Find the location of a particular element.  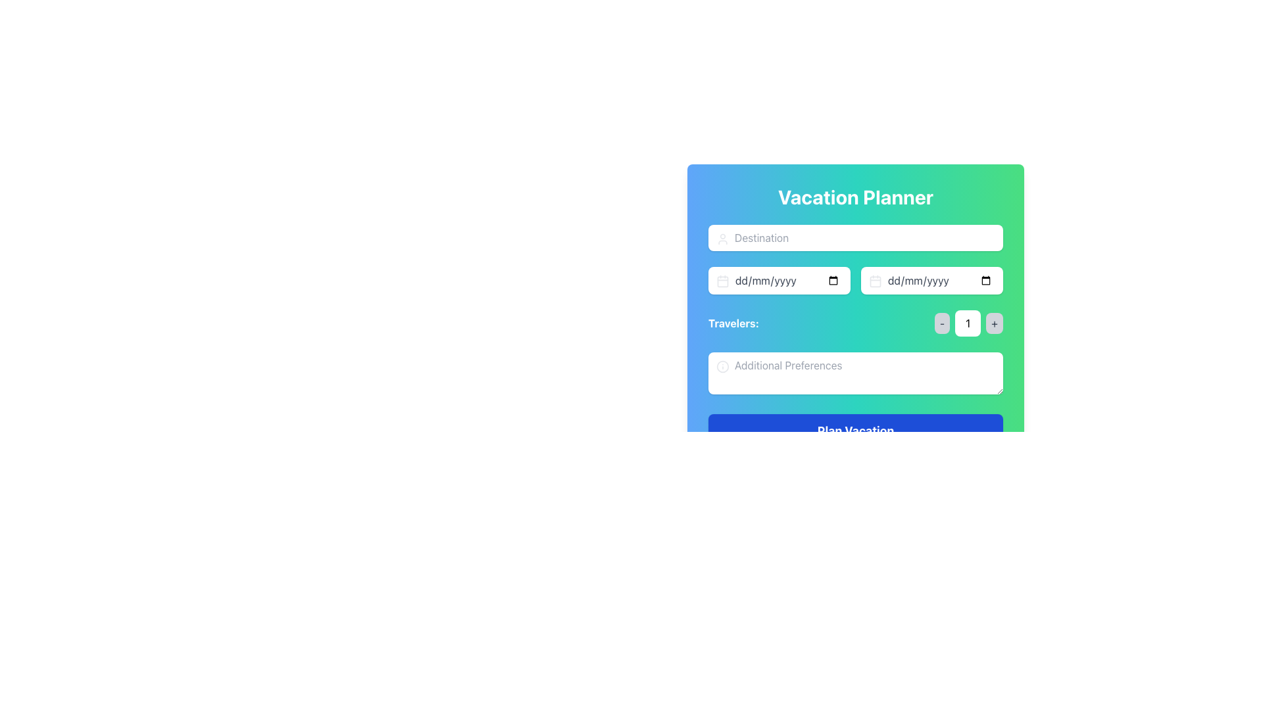

the calendar icon on the date-picker component located in the 'Vacation Planner' form is located at coordinates (855, 280).